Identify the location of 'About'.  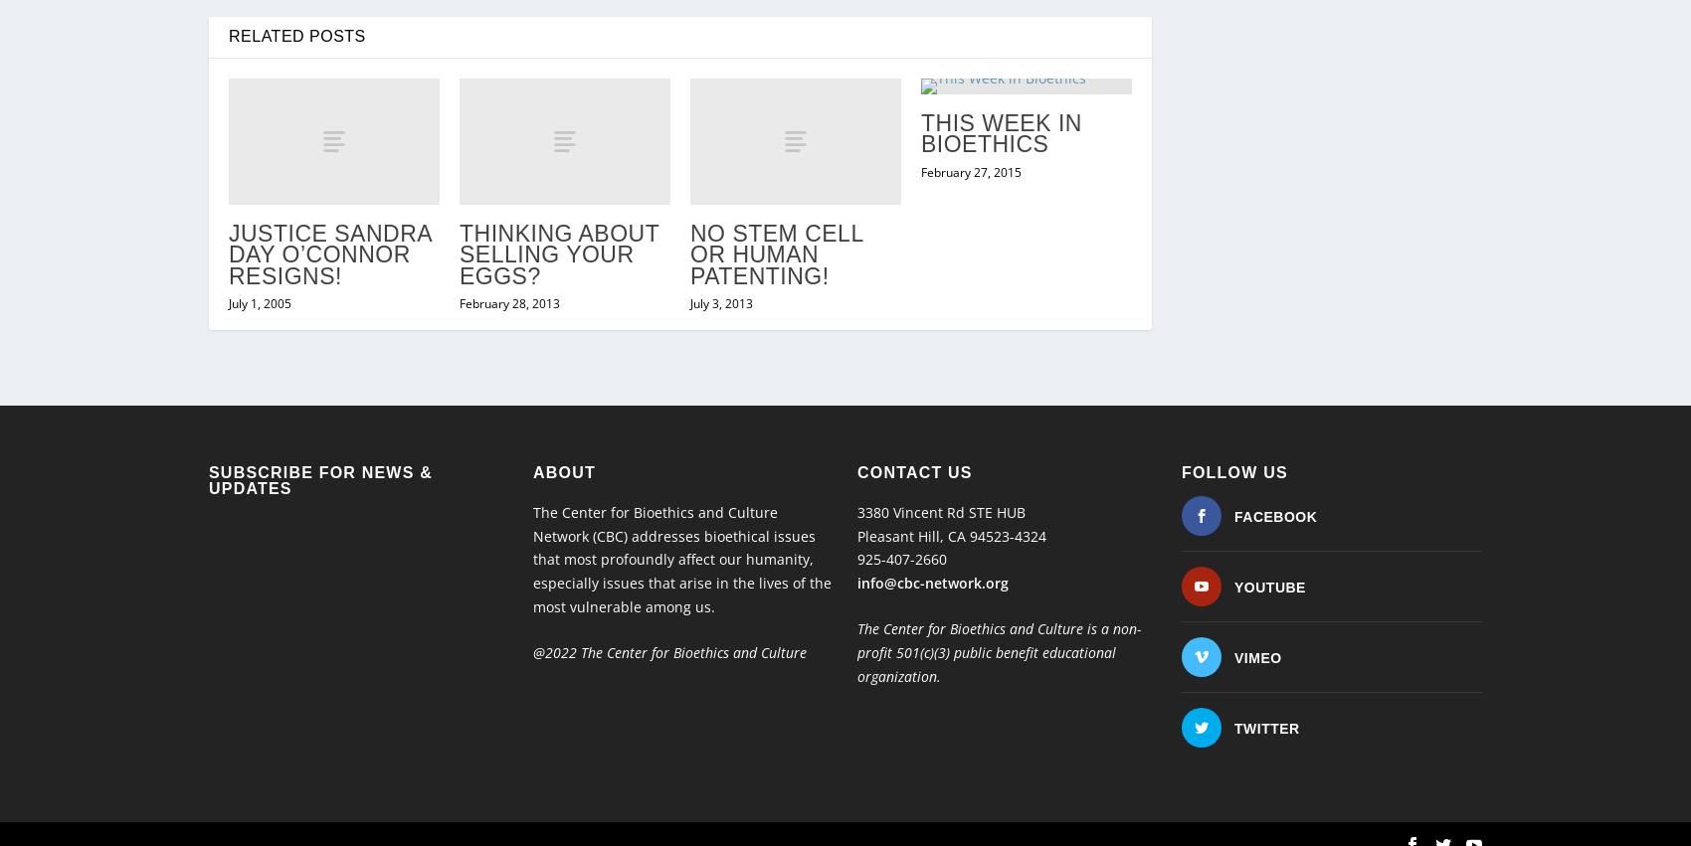
(562, 430).